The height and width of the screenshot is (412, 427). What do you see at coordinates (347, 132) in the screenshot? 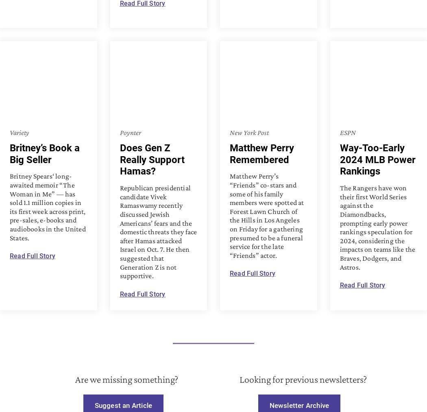
I see `'ESPN'` at bounding box center [347, 132].